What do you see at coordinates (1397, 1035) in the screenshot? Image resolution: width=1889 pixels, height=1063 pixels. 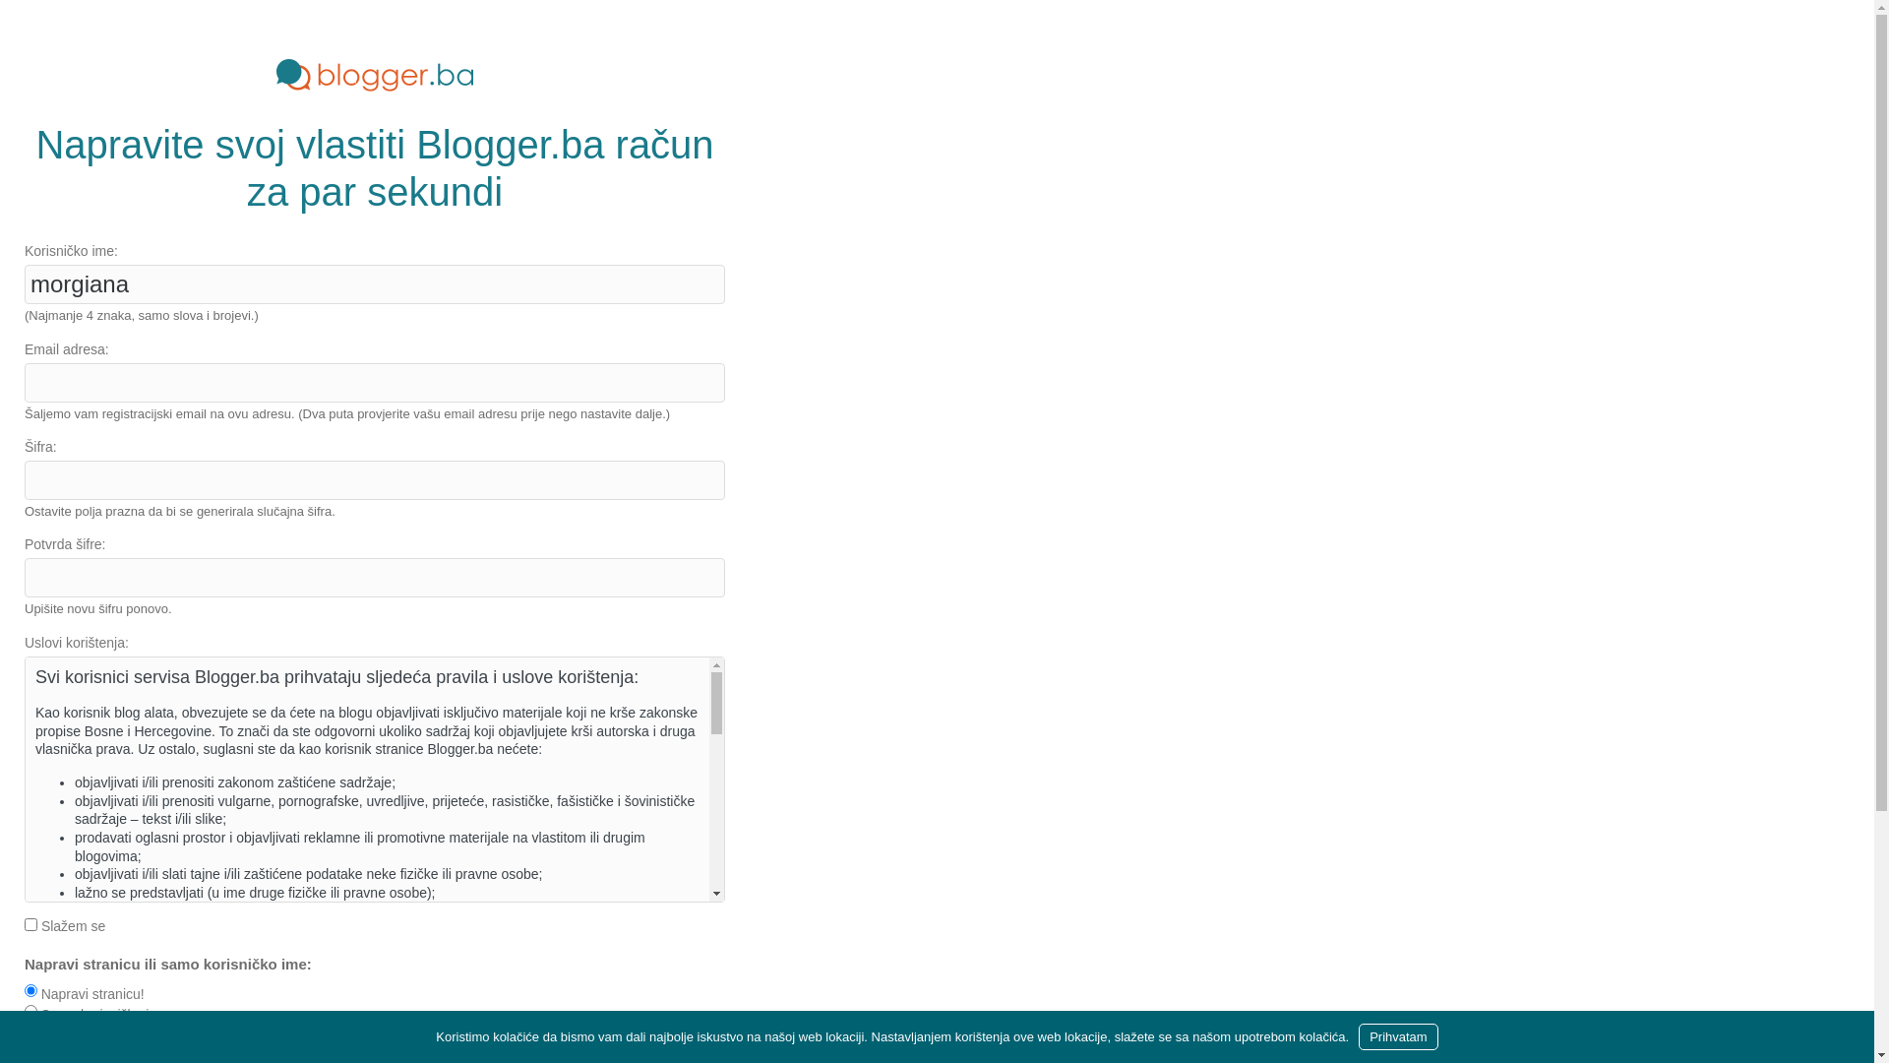 I see `'Prihvatam'` at bounding box center [1397, 1035].